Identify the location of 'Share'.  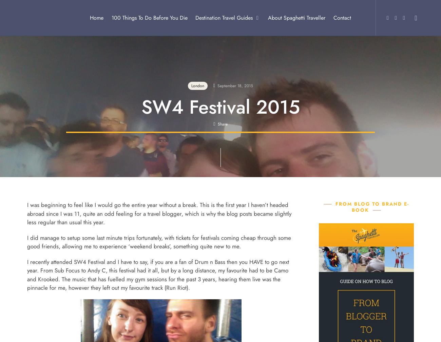
(222, 124).